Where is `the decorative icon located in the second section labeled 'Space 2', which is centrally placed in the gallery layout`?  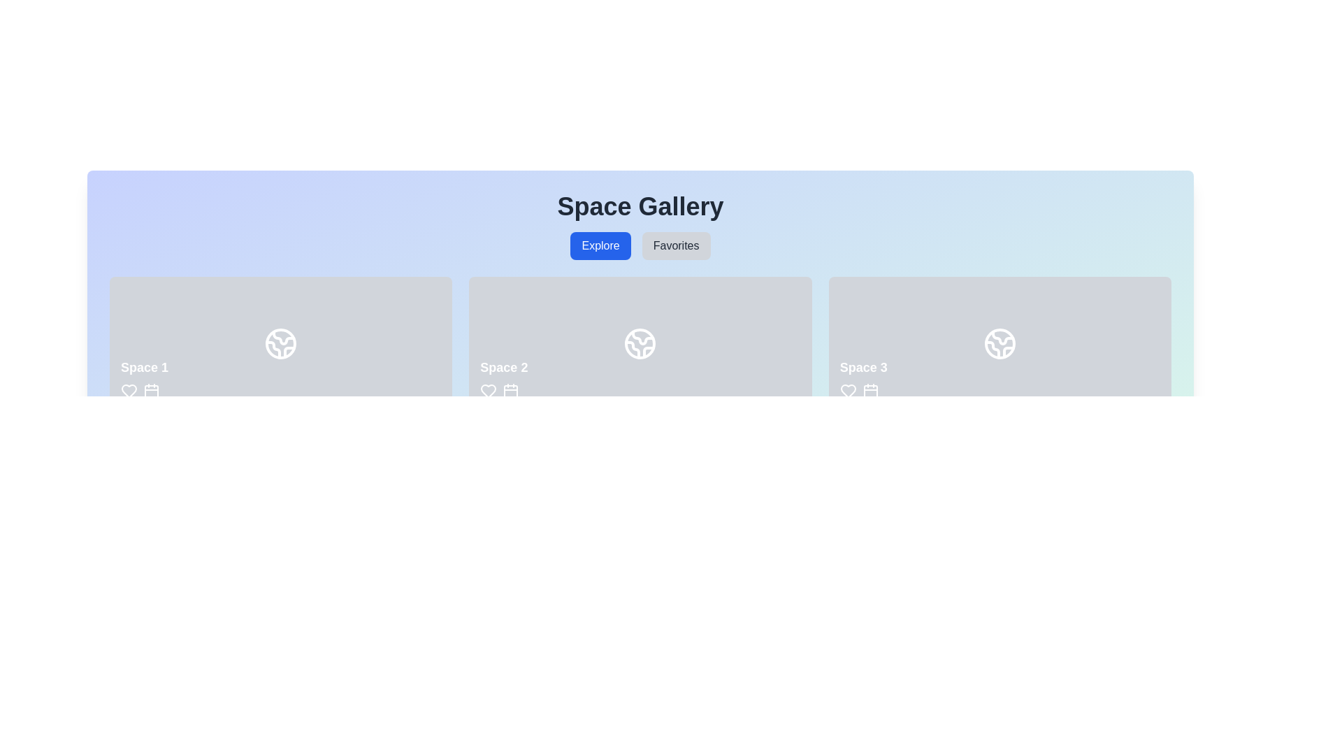 the decorative icon located in the second section labeled 'Space 2', which is centrally placed in the gallery layout is located at coordinates (640, 344).